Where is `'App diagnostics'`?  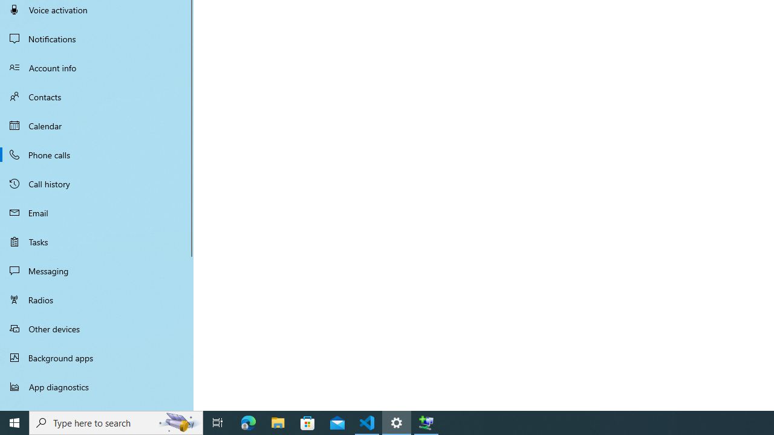 'App diagnostics' is located at coordinates (97, 387).